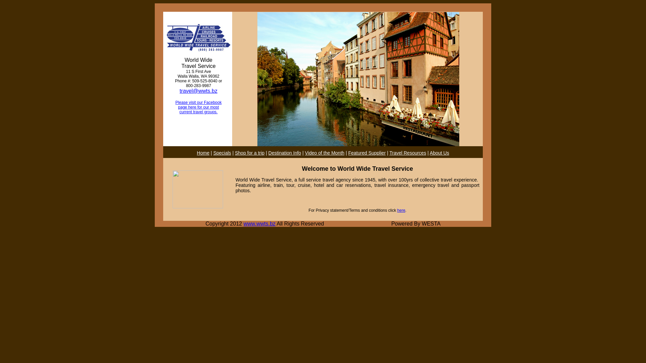 This screenshot has width=646, height=363. What do you see at coordinates (324, 153) in the screenshot?
I see `'Video of the Month'` at bounding box center [324, 153].